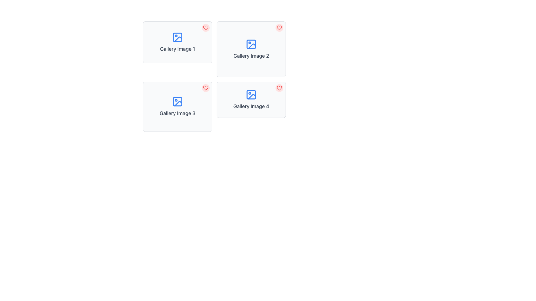 This screenshot has height=301, width=536. I want to click on the Interactive Card located in the top-right corner of the grid, which is the second item in the first row, so click(251, 49).